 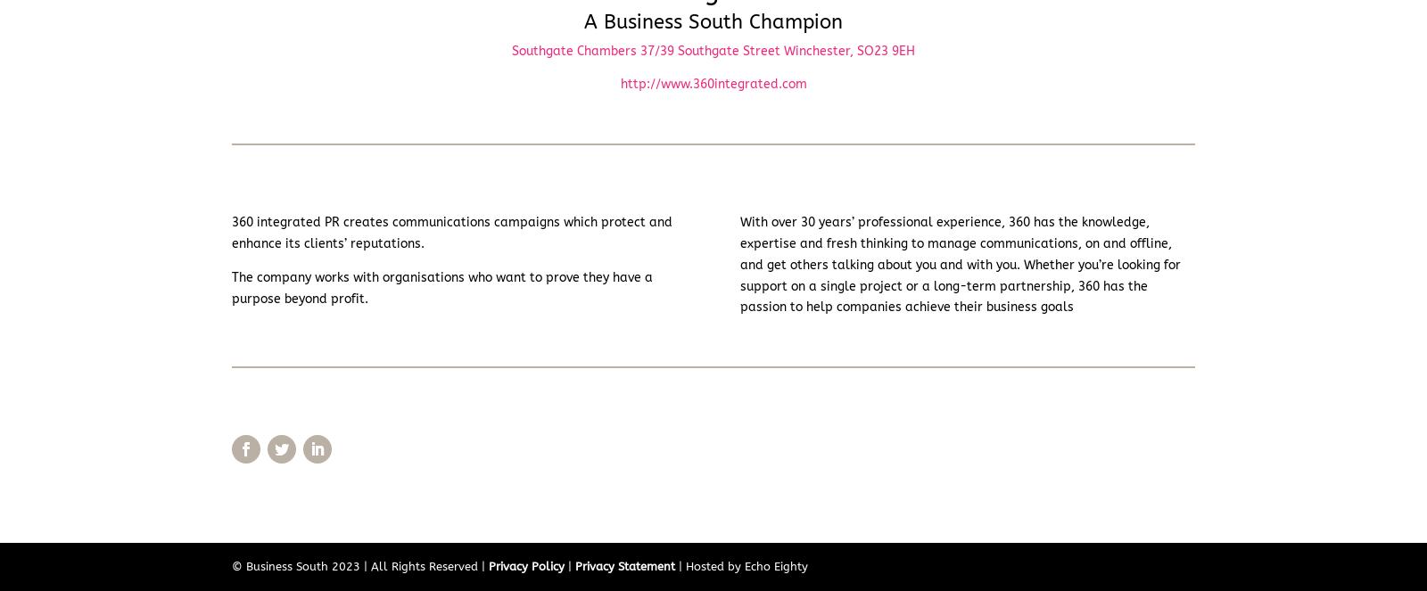 What do you see at coordinates (885, 49) in the screenshot?
I see `'SO23 9EH'` at bounding box center [885, 49].